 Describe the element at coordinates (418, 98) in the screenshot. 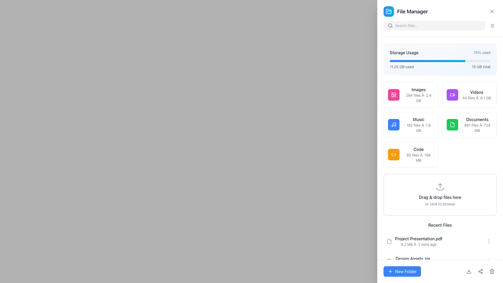

I see `summary information displayed in the Text label located below the 'Images' label within the 'Images' category card in the file manager interface` at that location.